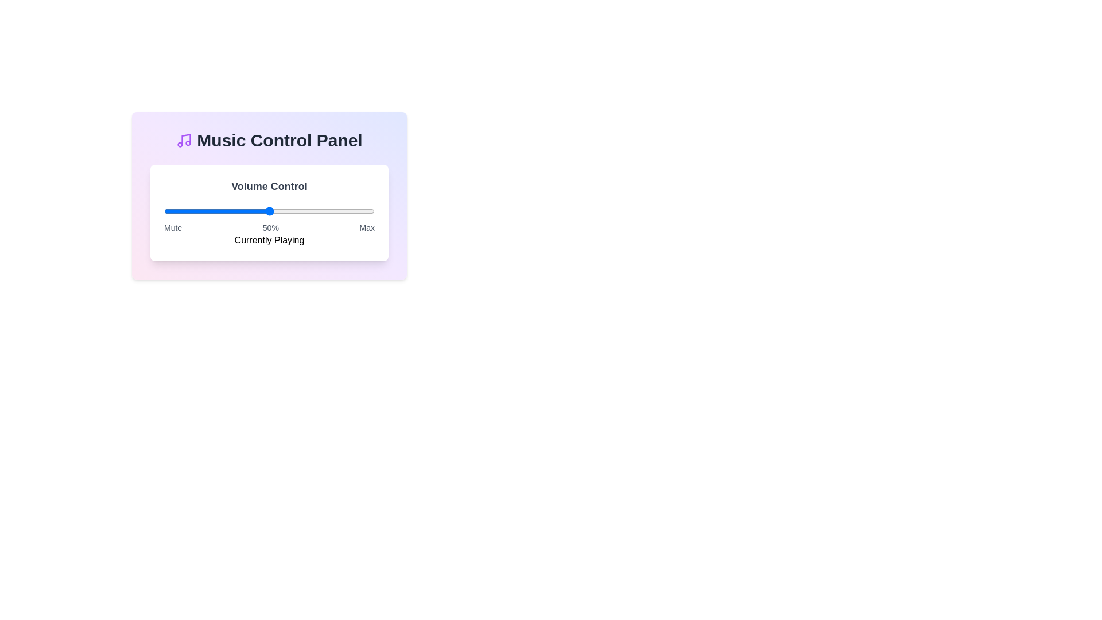  I want to click on the volume slider to 0% level, so click(164, 211).